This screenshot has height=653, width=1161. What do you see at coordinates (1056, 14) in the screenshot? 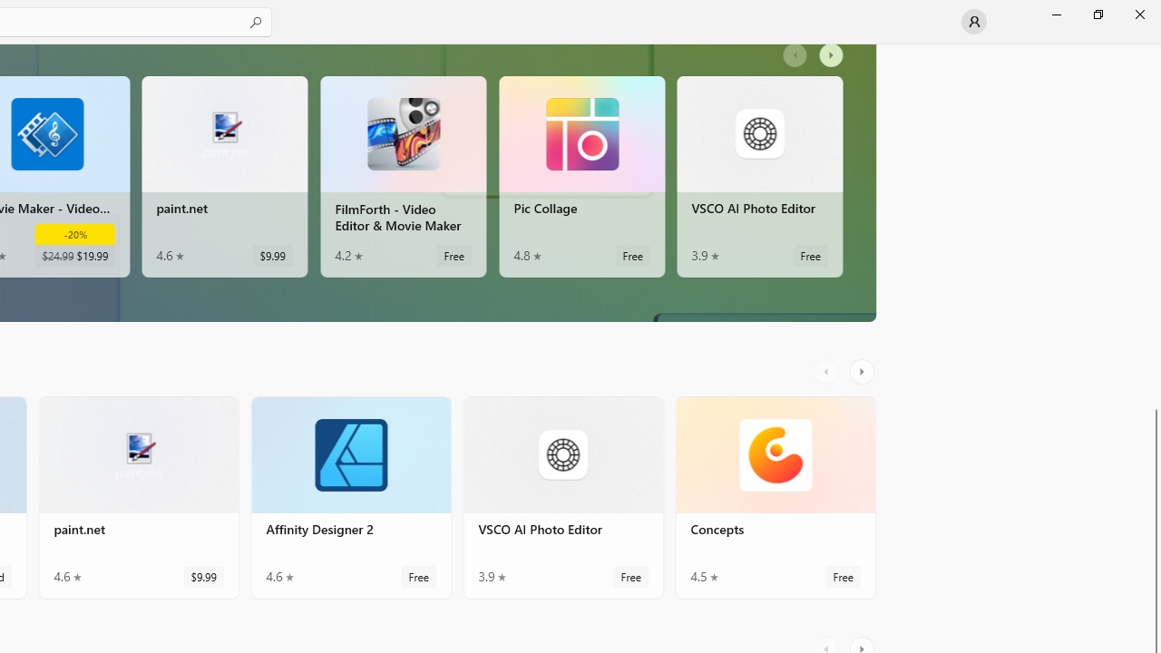
I see `'Minimize Microsoft Store'` at bounding box center [1056, 14].